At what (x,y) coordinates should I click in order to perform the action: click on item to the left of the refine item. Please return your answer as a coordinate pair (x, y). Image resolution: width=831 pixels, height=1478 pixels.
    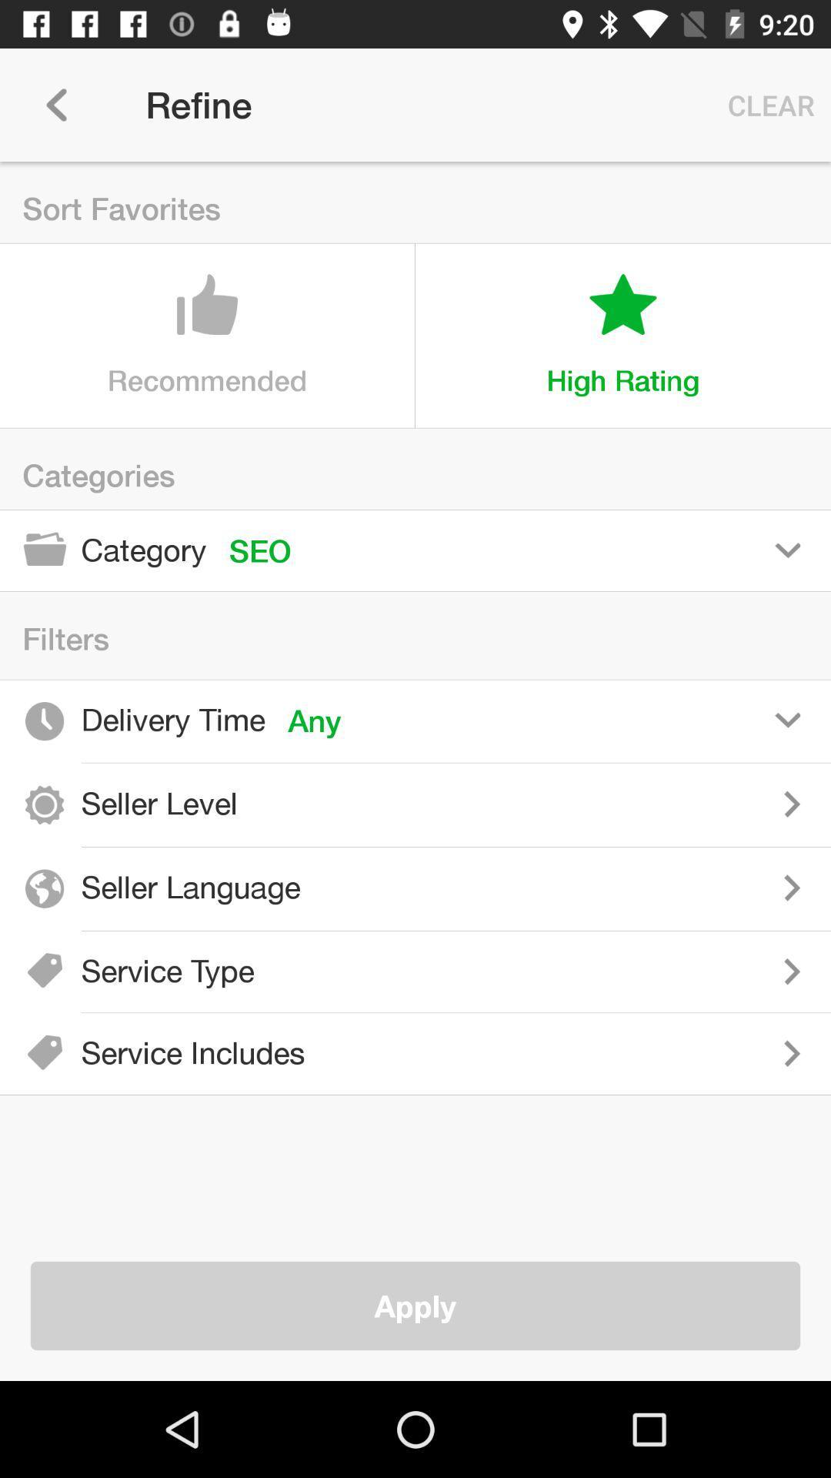
    Looking at the image, I should click on (55, 104).